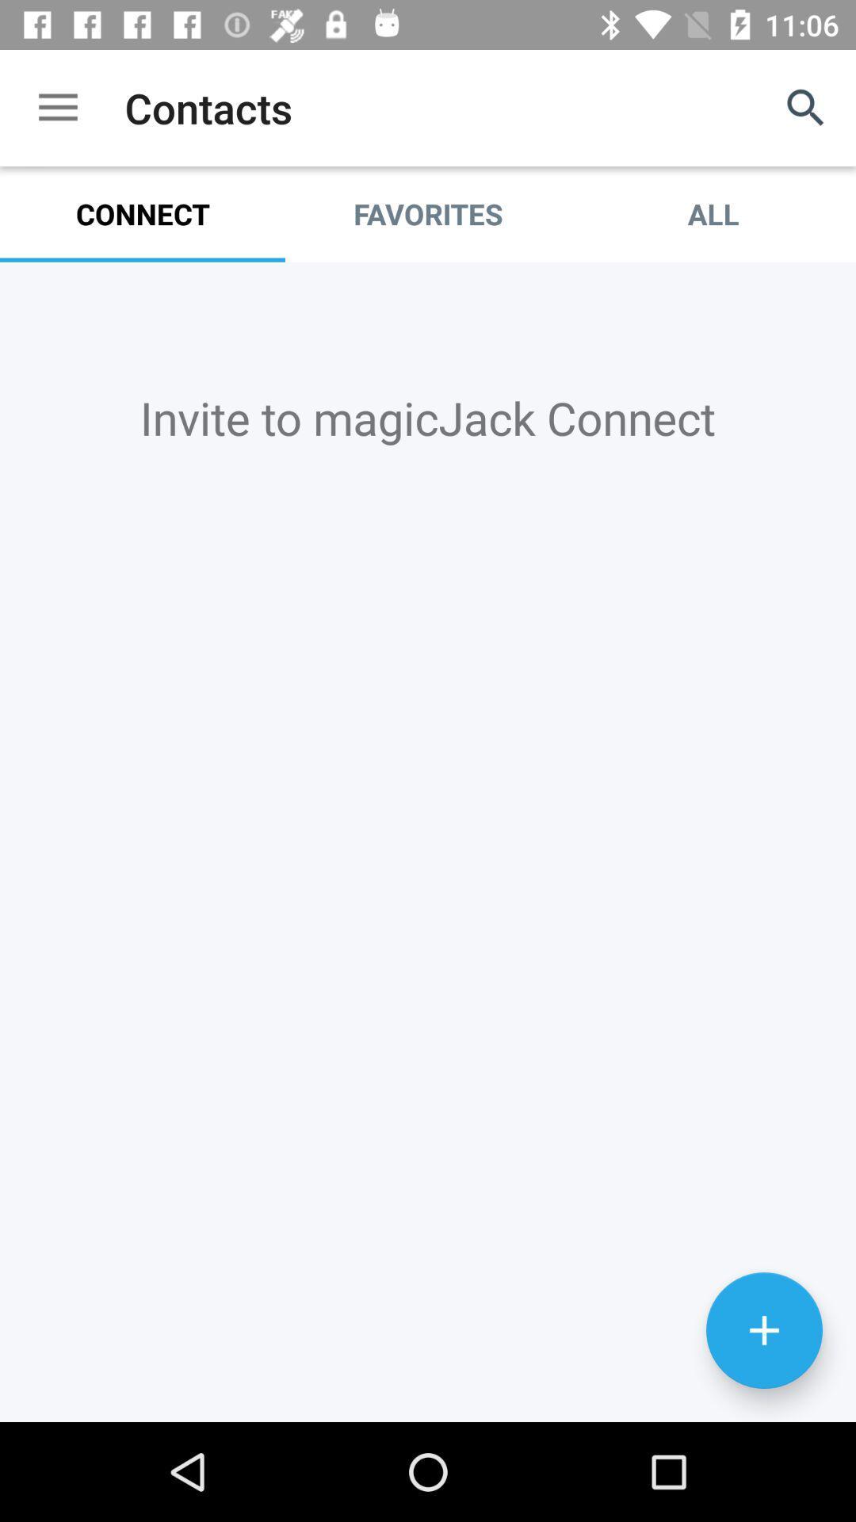 The image size is (856, 1522). What do you see at coordinates (428, 417) in the screenshot?
I see `invite to magicjack item` at bounding box center [428, 417].